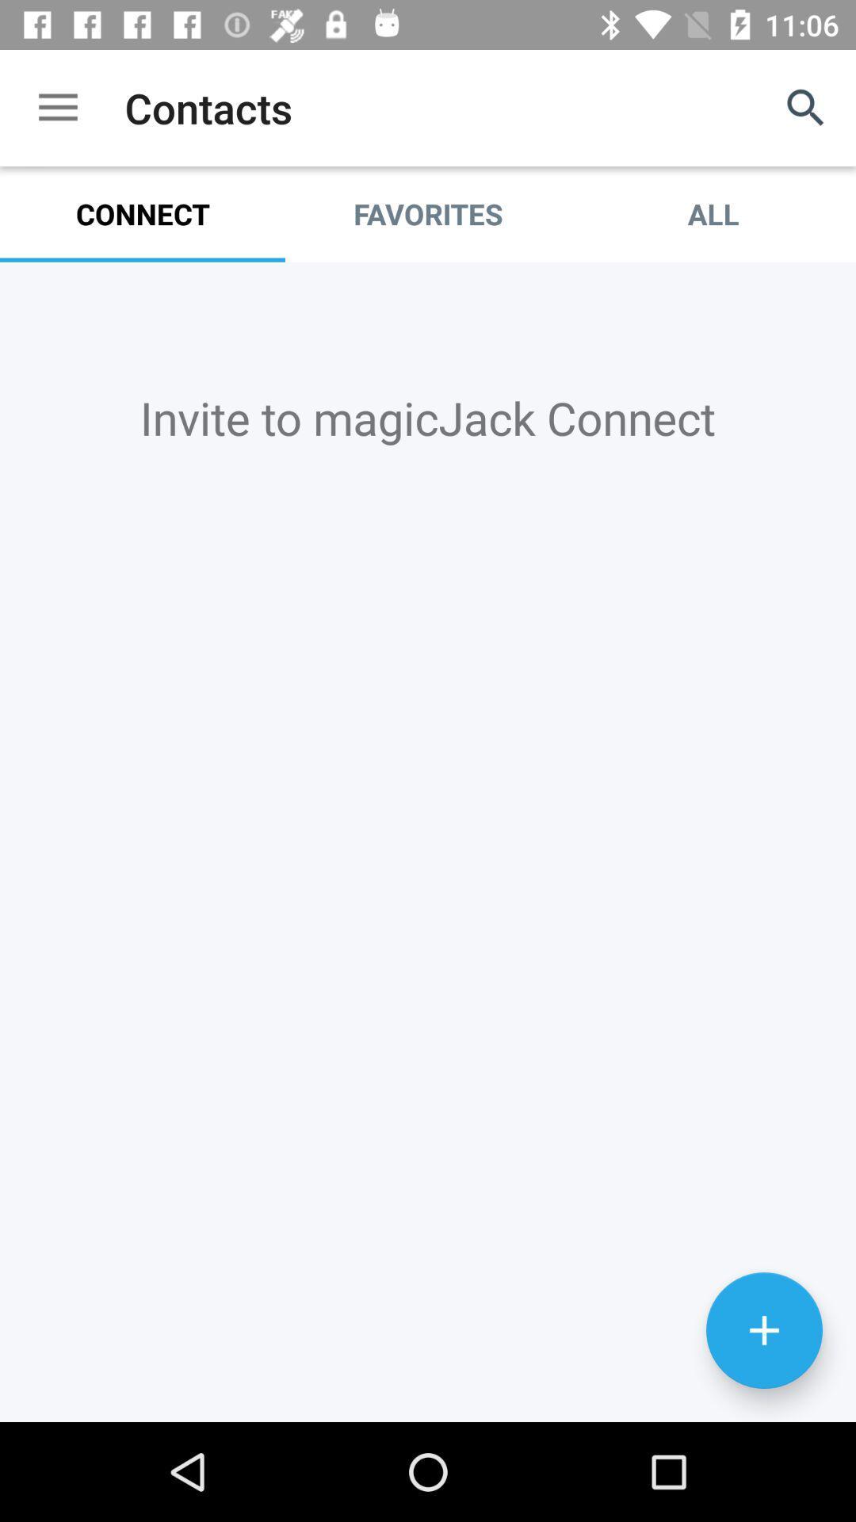 The image size is (856, 1522). What do you see at coordinates (428, 417) in the screenshot?
I see `invite to magicjack item` at bounding box center [428, 417].